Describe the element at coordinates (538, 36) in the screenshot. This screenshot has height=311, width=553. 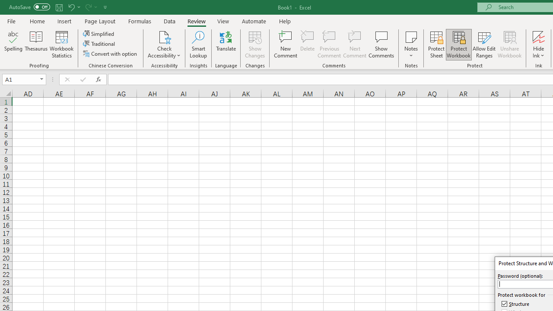
I see `'Hide Ink'` at that location.